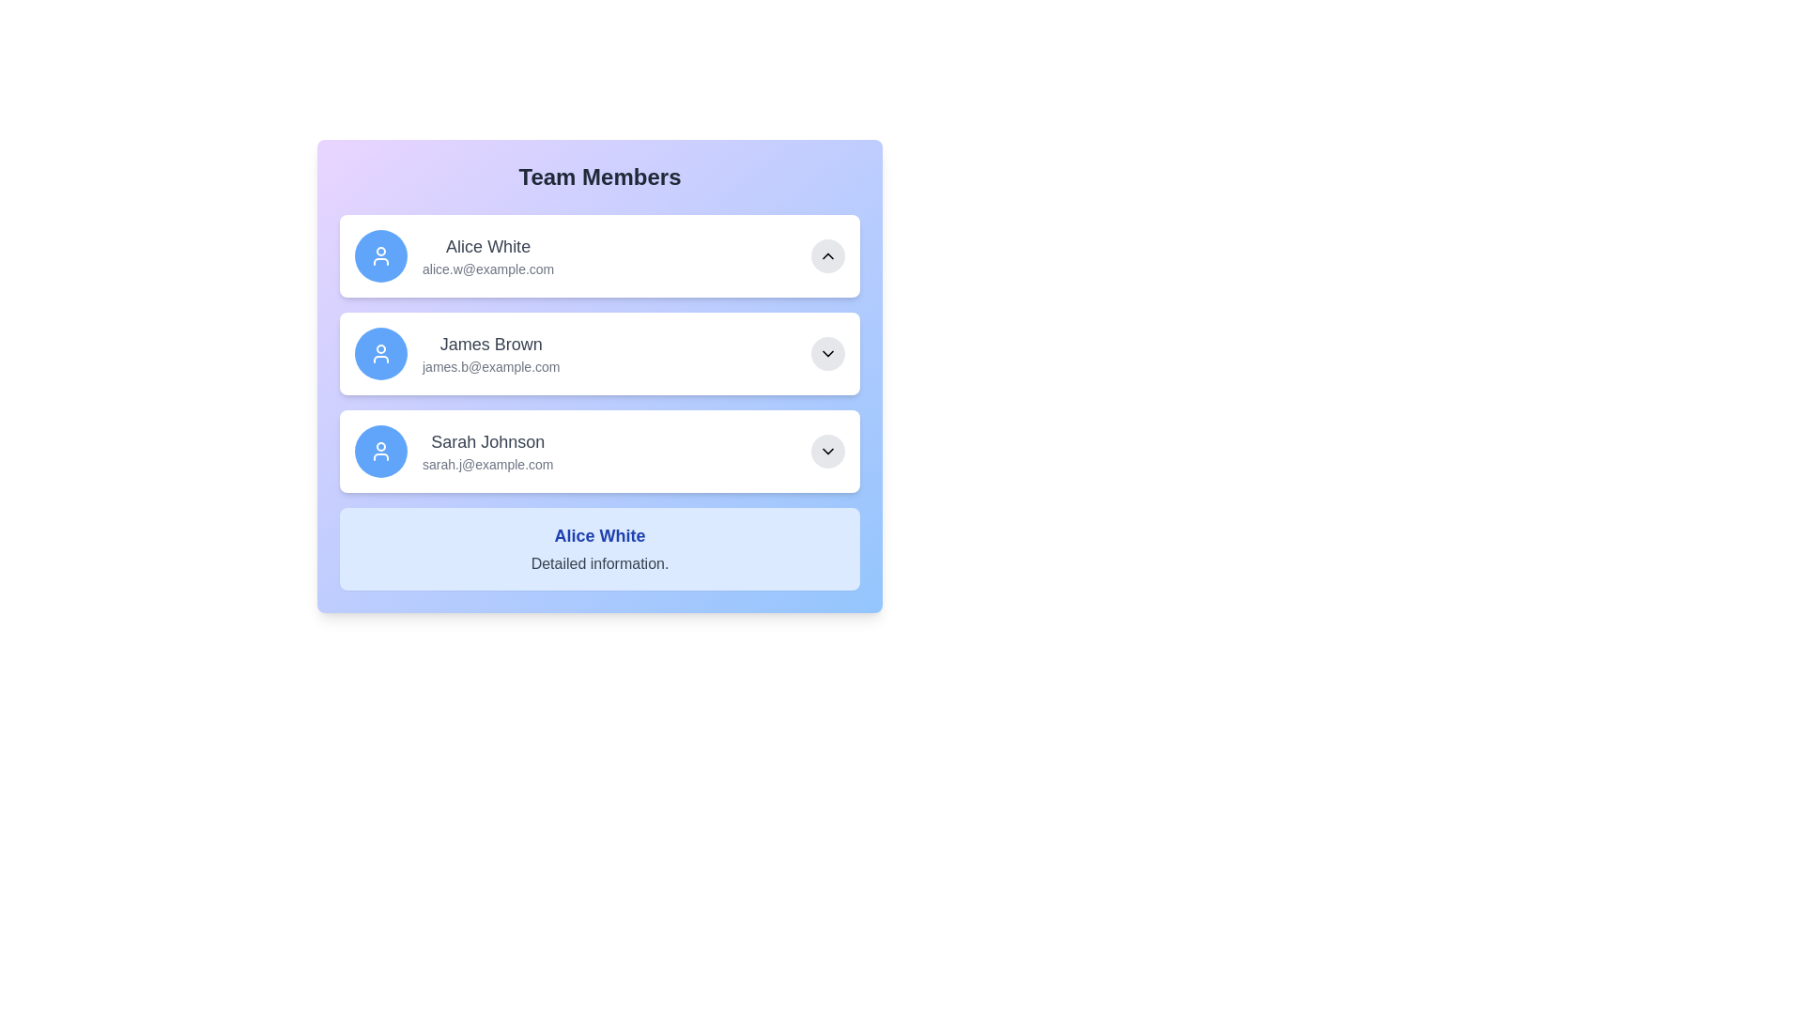  I want to click on the internal components of the display area for the list of team members, which is centrally positioned in the main content area, so click(598, 376).